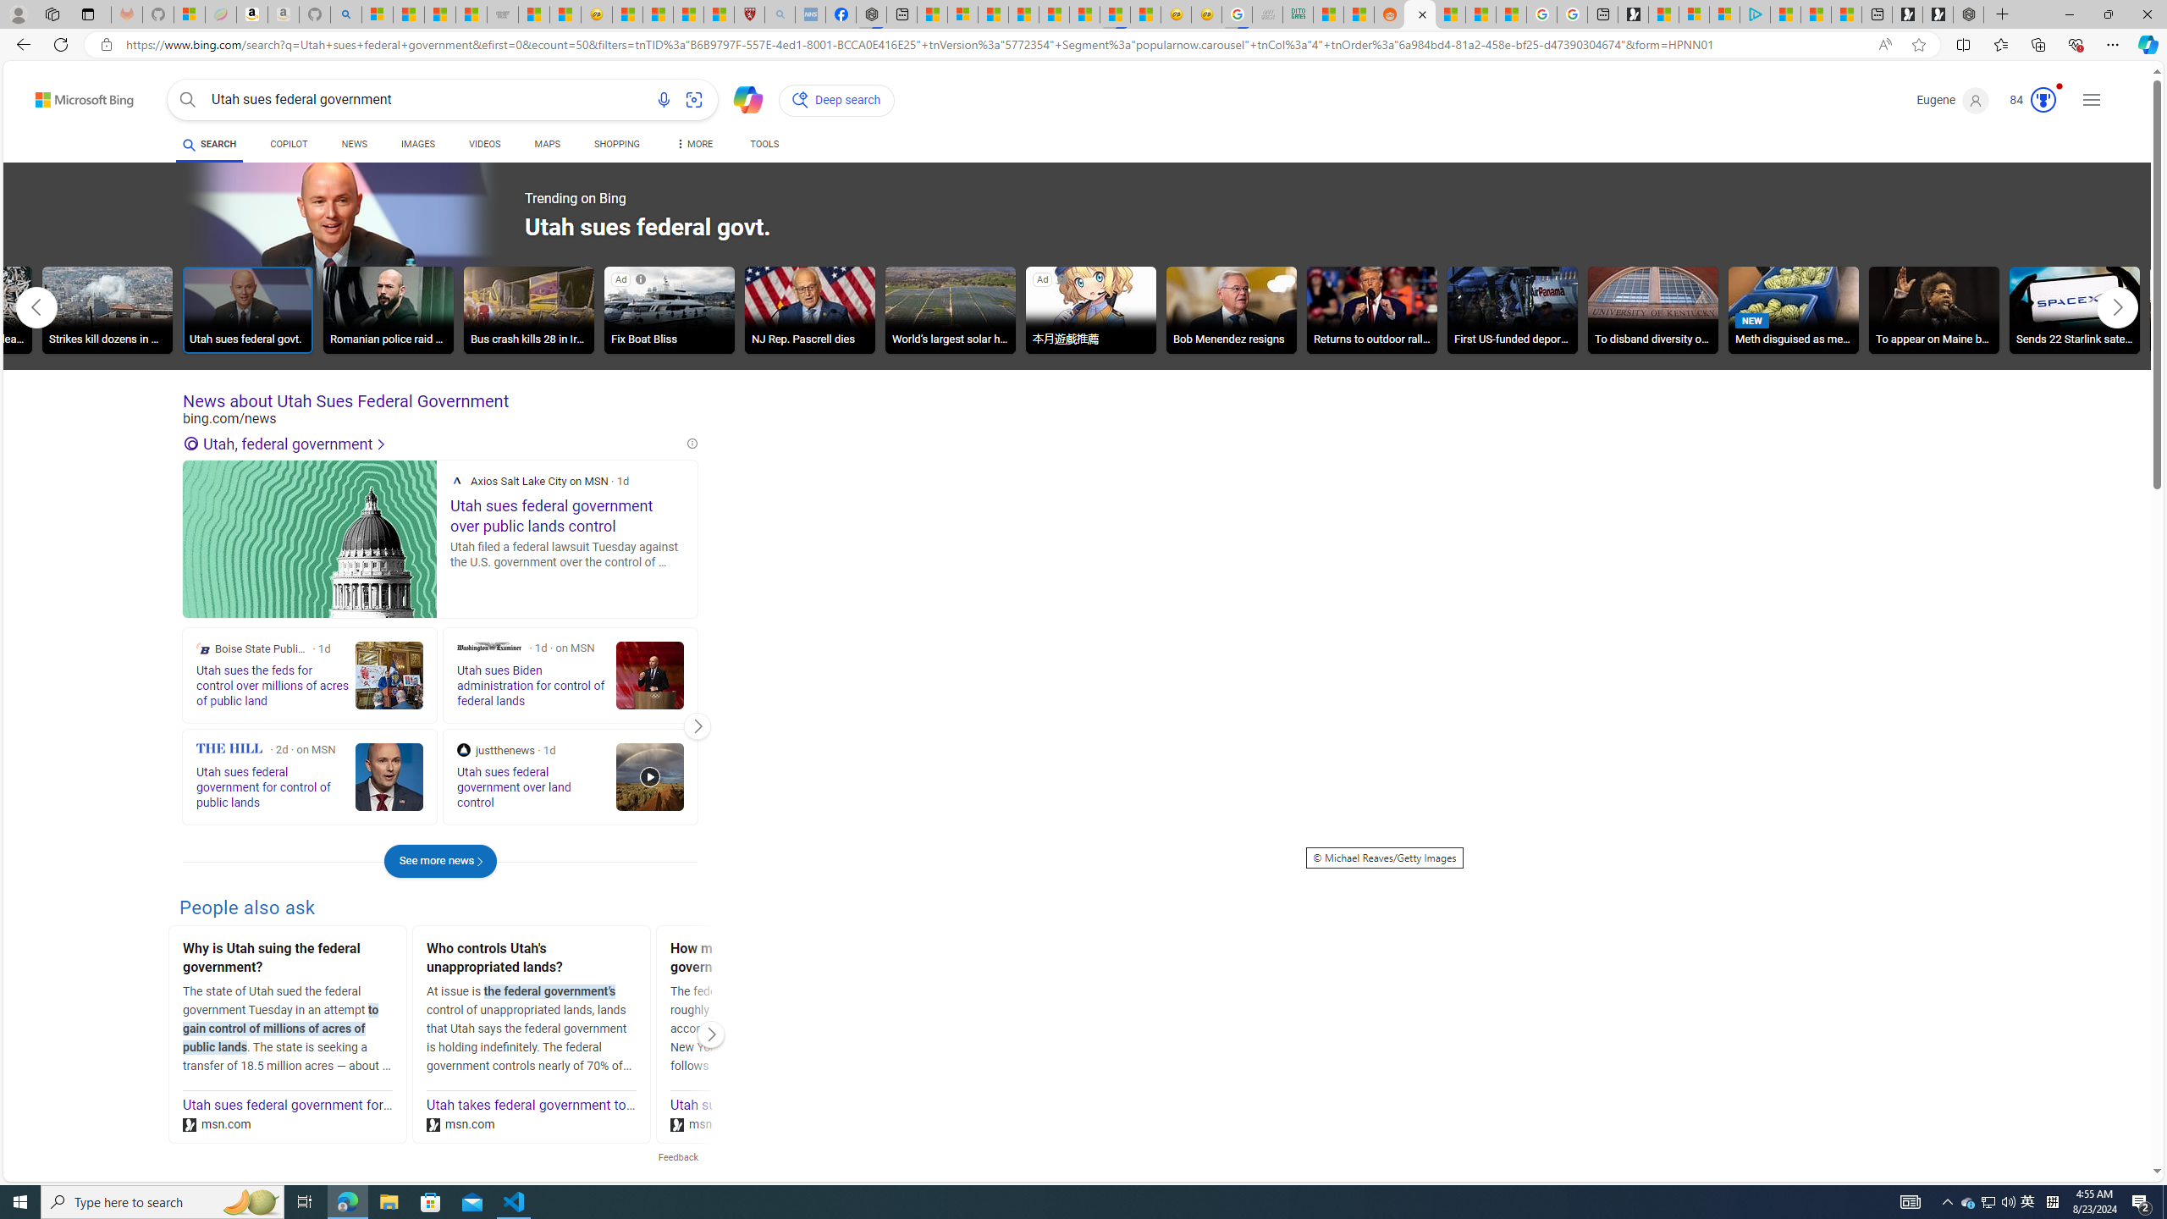  I want to click on 'News about Utah Sues Federal Government', so click(438, 401).